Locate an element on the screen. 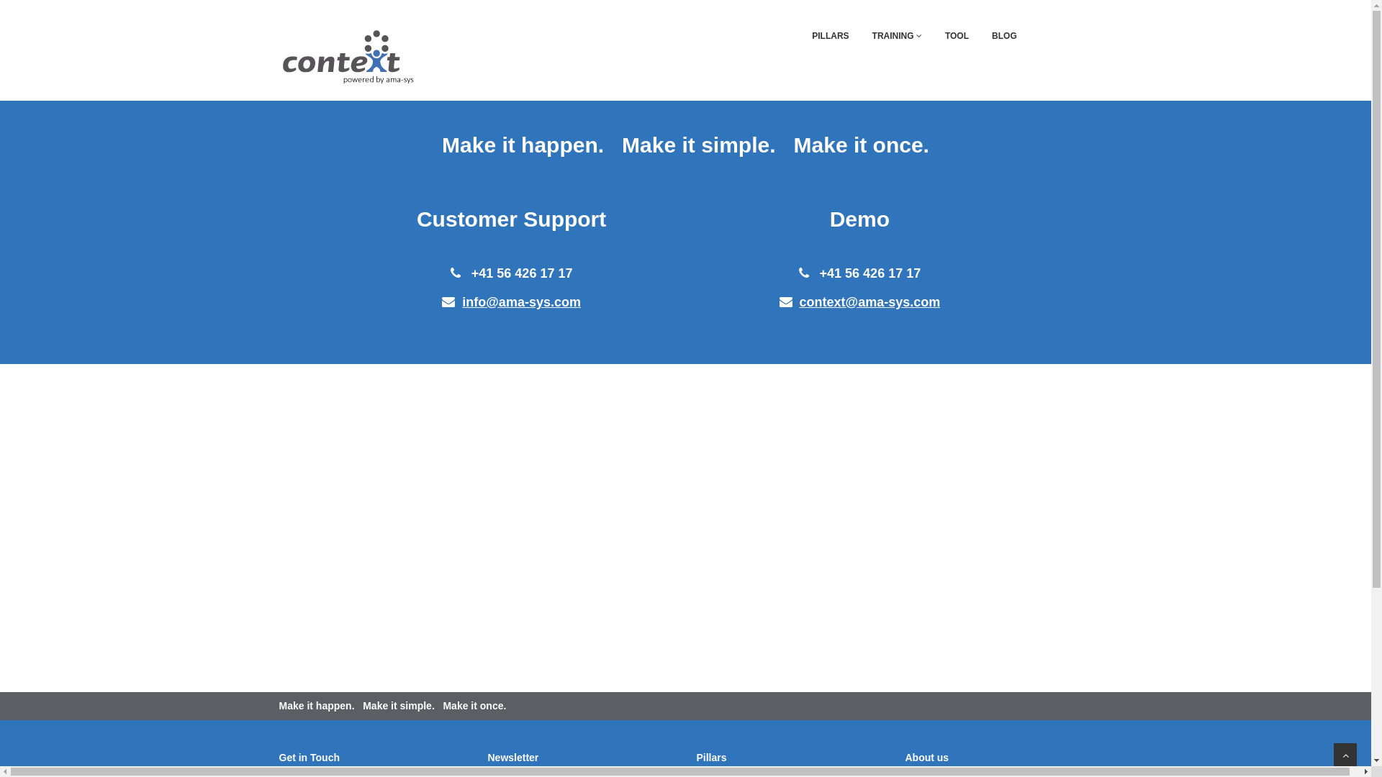 Image resolution: width=1382 pixels, height=777 pixels. 'Make it happen.   Make it simple.   Make it once.' is located at coordinates (685, 145).